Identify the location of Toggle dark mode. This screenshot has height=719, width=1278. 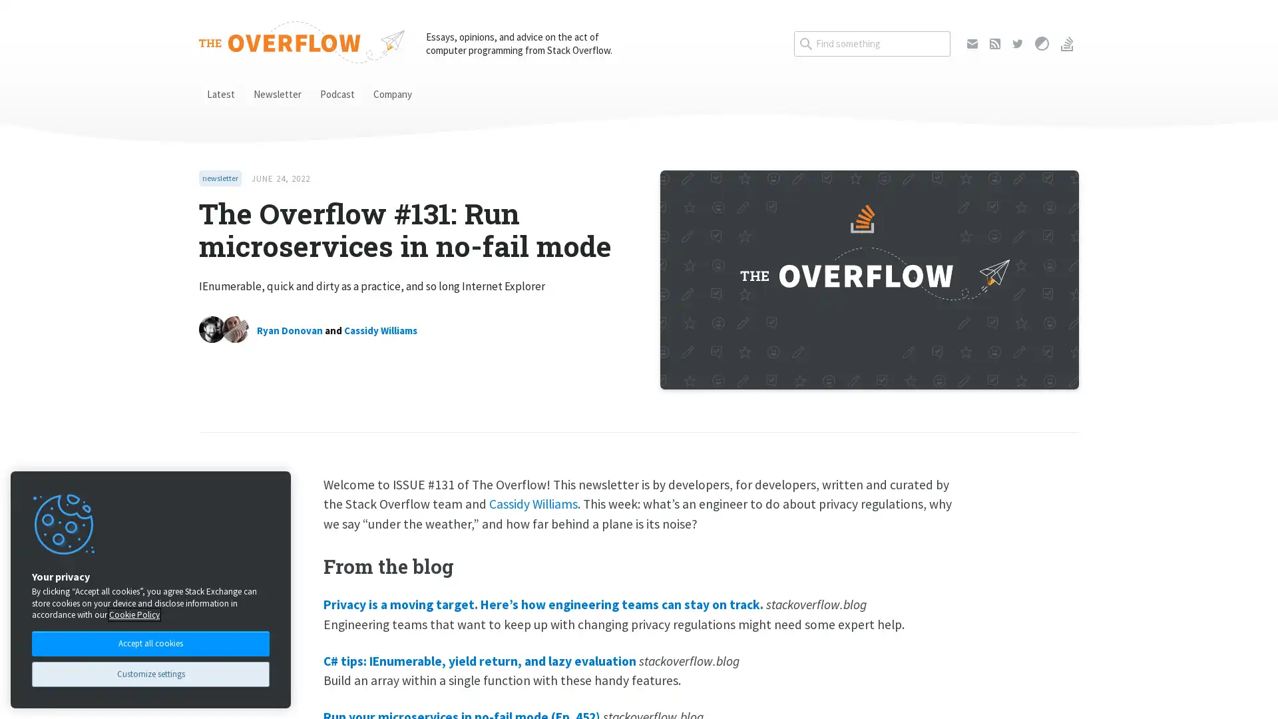
(1041, 43).